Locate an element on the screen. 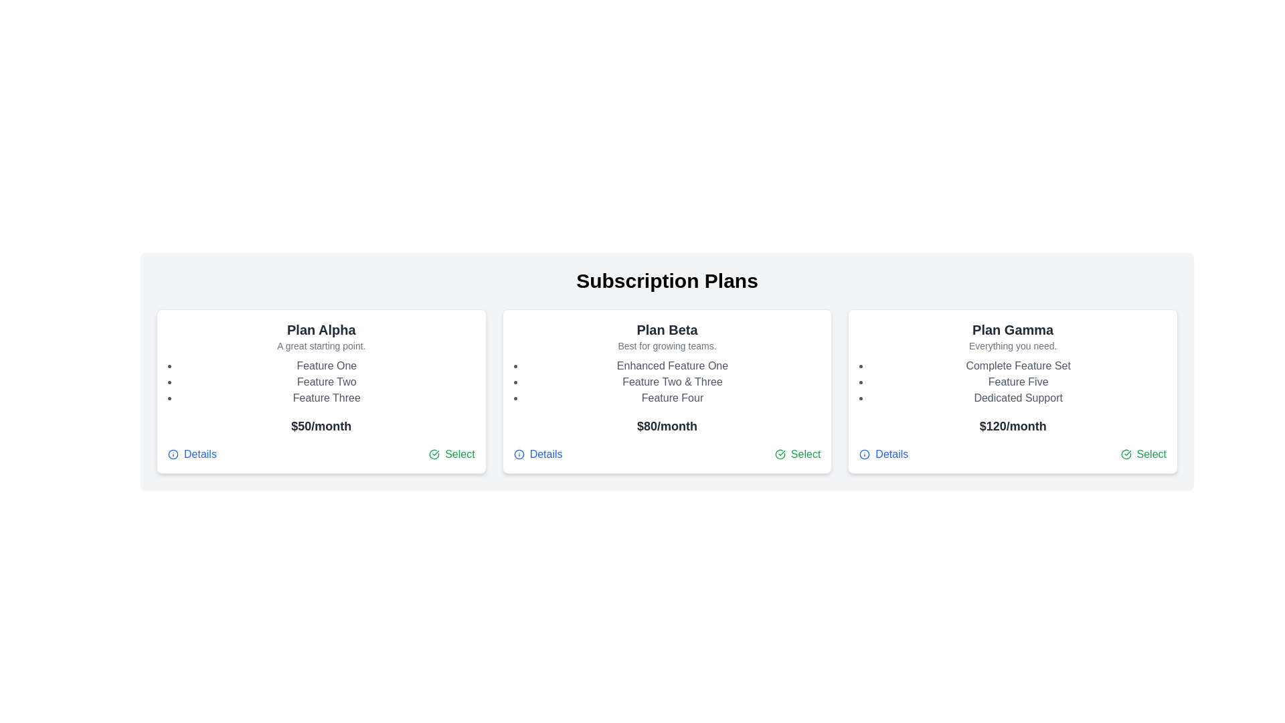 The height and width of the screenshot is (723, 1285). the visual indication icon next to the 'Select' option for the 'Plan Gamma' plan, which is the third plan from the left is located at coordinates (1125, 453).